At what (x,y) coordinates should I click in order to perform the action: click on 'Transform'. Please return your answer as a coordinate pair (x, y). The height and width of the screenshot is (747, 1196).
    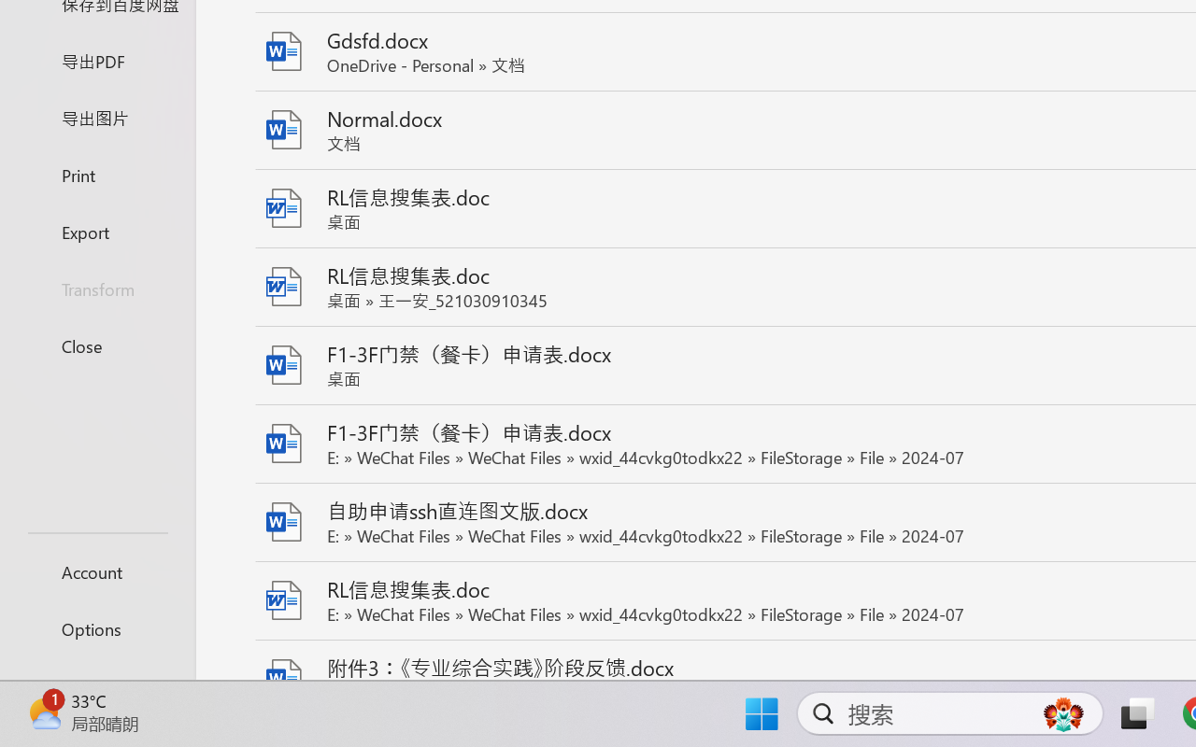
    Looking at the image, I should click on (96, 288).